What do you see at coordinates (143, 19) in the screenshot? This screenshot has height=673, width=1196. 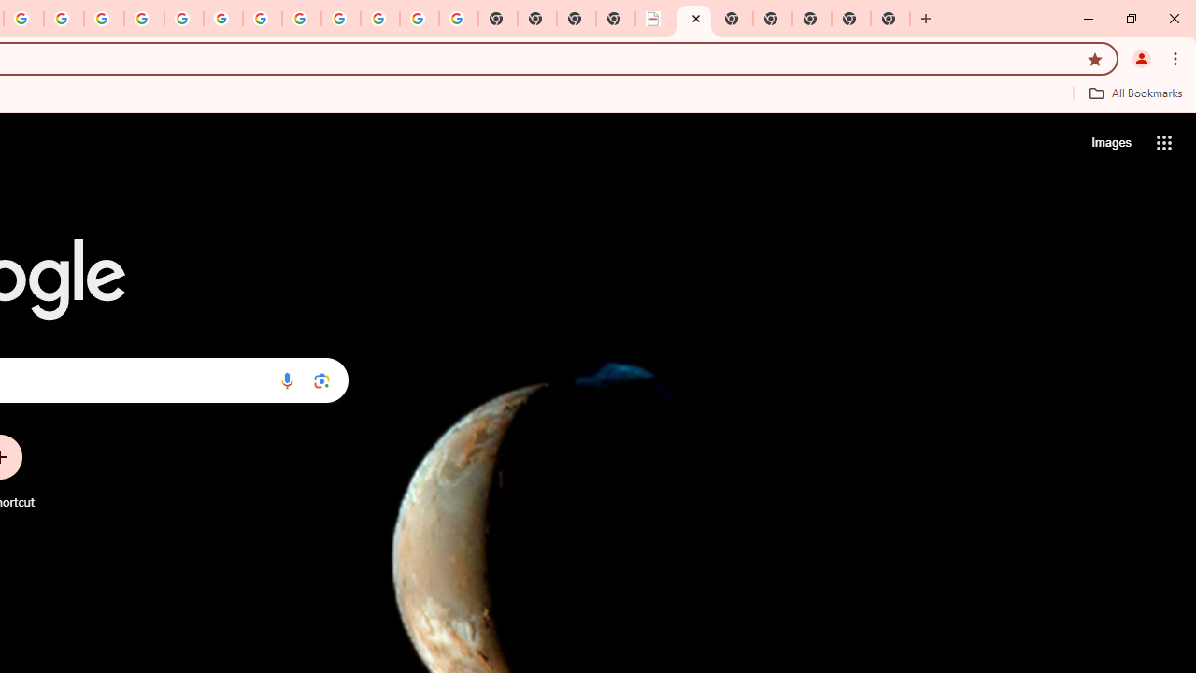 I see `'Privacy Help Center - Policies Help'` at bounding box center [143, 19].